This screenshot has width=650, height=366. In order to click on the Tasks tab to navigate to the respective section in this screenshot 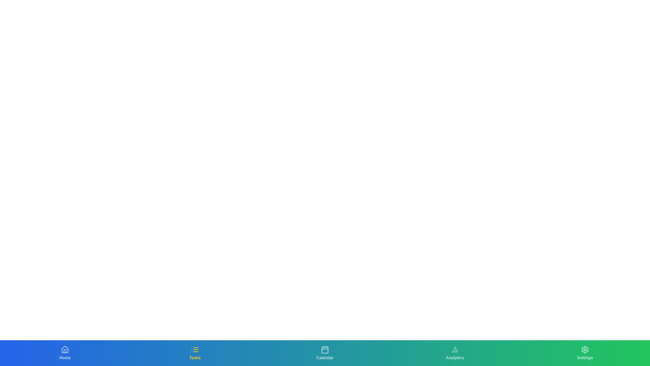, I will do `click(195, 352)`.